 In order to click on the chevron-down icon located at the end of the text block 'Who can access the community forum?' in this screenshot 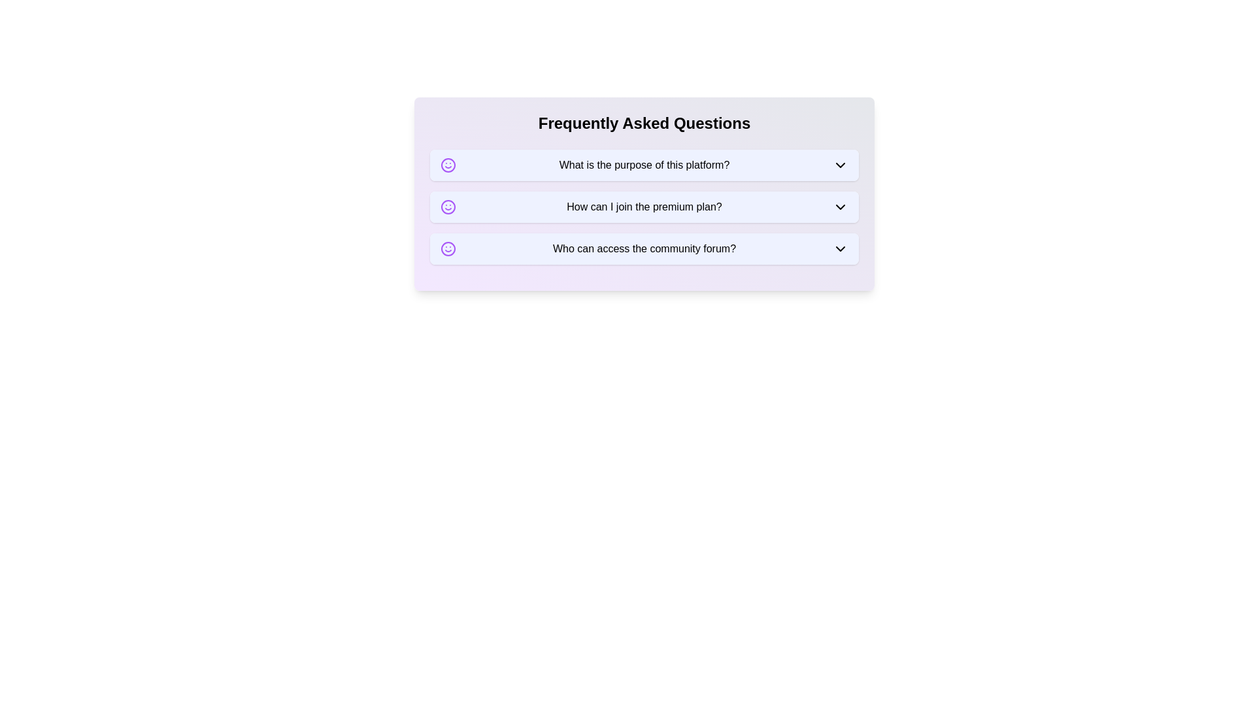, I will do `click(841, 249)`.